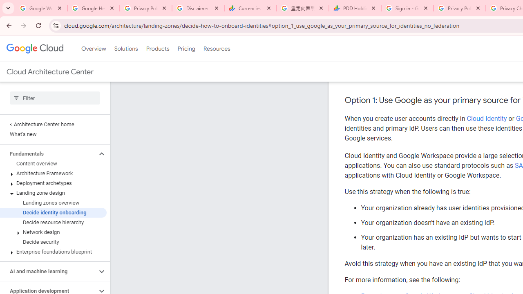  Describe the element at coordinates (53, 124) in the screenshot. I see `'< Architecture Center home'` at that location.